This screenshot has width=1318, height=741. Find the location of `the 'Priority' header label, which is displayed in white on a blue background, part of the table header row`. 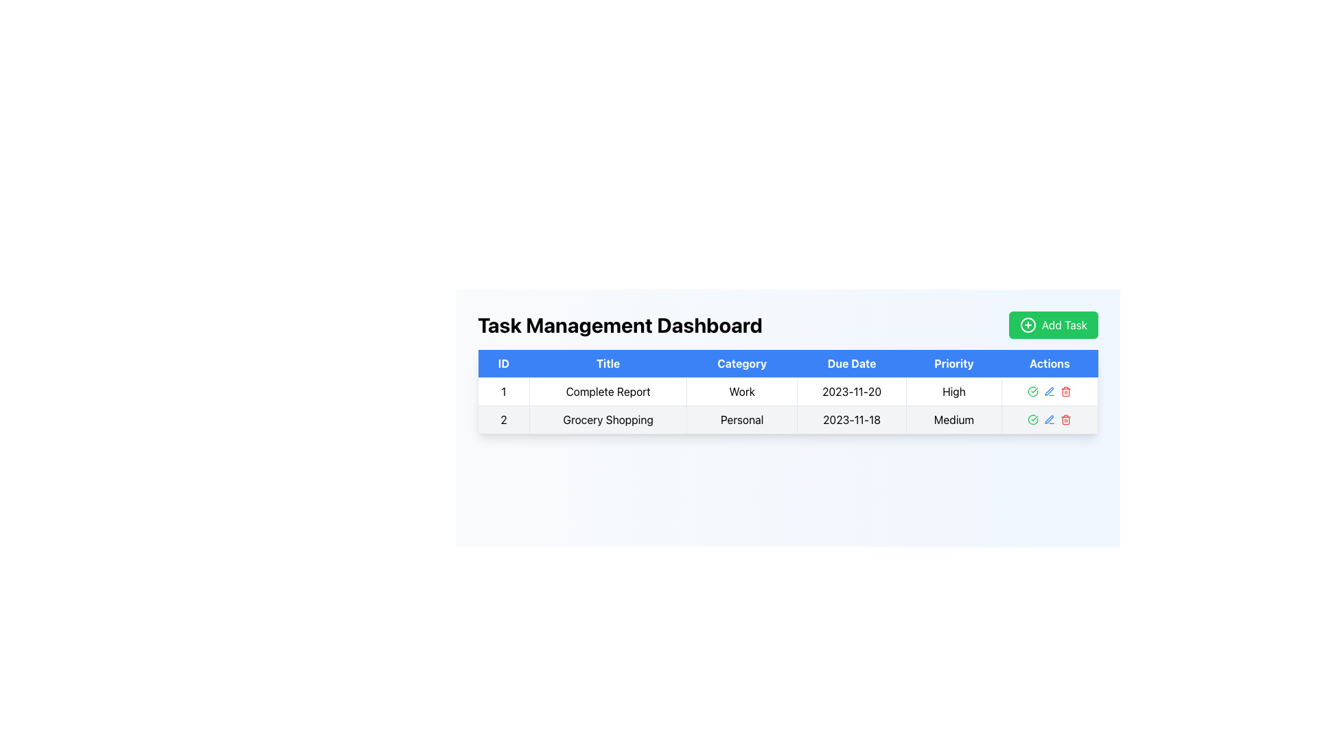

the 'Priority' header label, which is displayed in white on a blue background, part of the table header row is located at coordinates (953, 363).